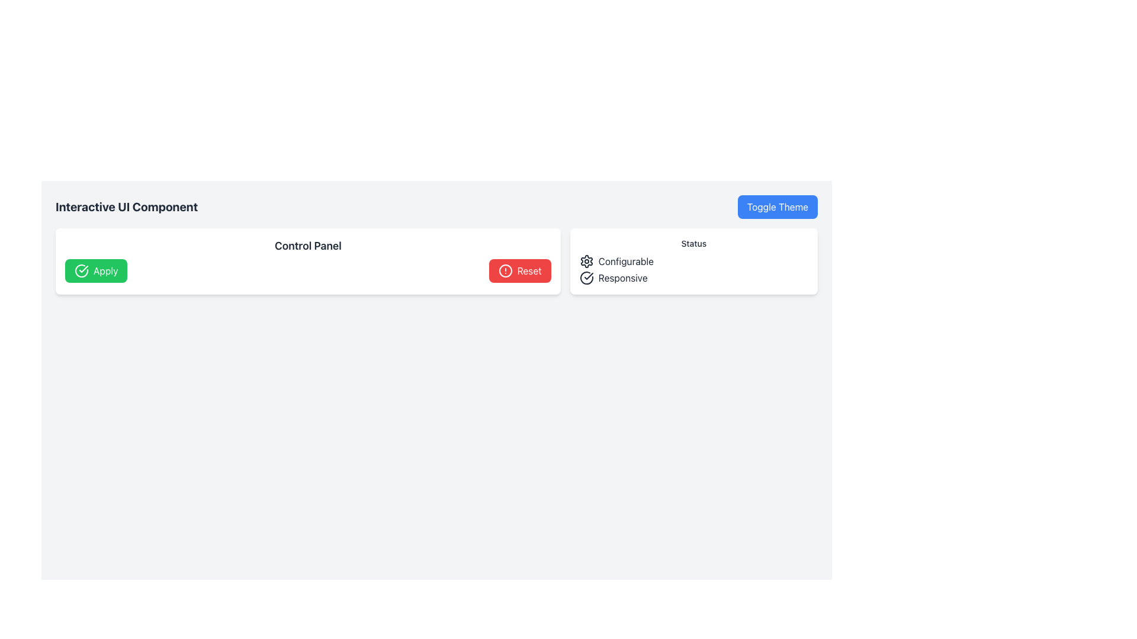 Image resolution: width=1137 pixels, height=639 pixels. I want to click on the success state icon located in the right panel under the 'Responsive' label in the 'Status' section, so click(589, 276).